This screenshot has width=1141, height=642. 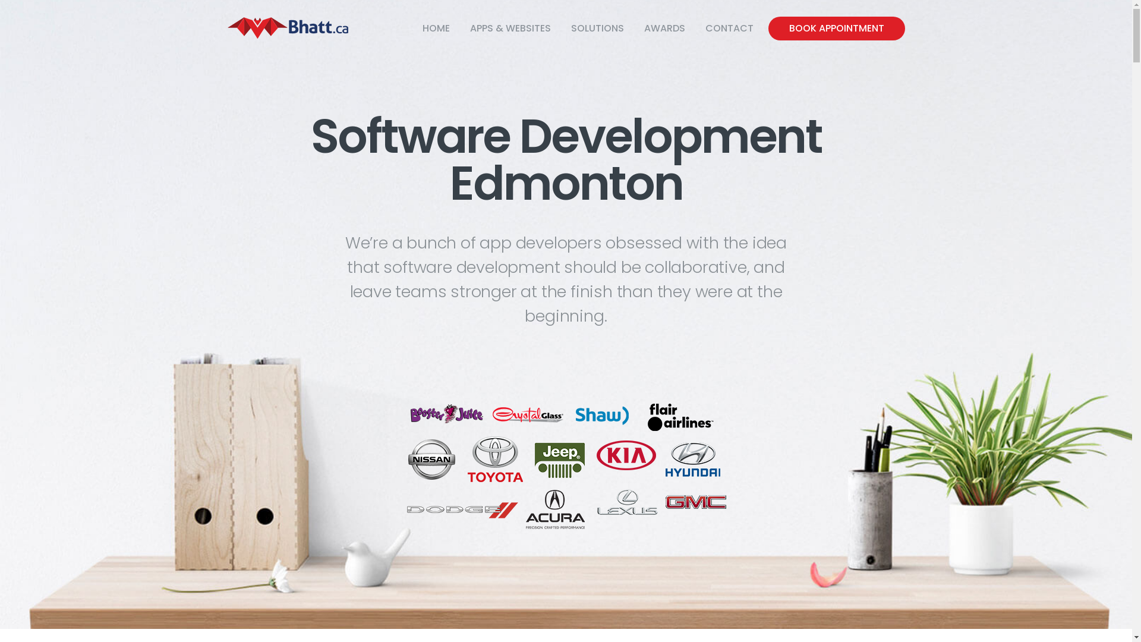 I want to click on 'HOME', so click(x=436, y=27).